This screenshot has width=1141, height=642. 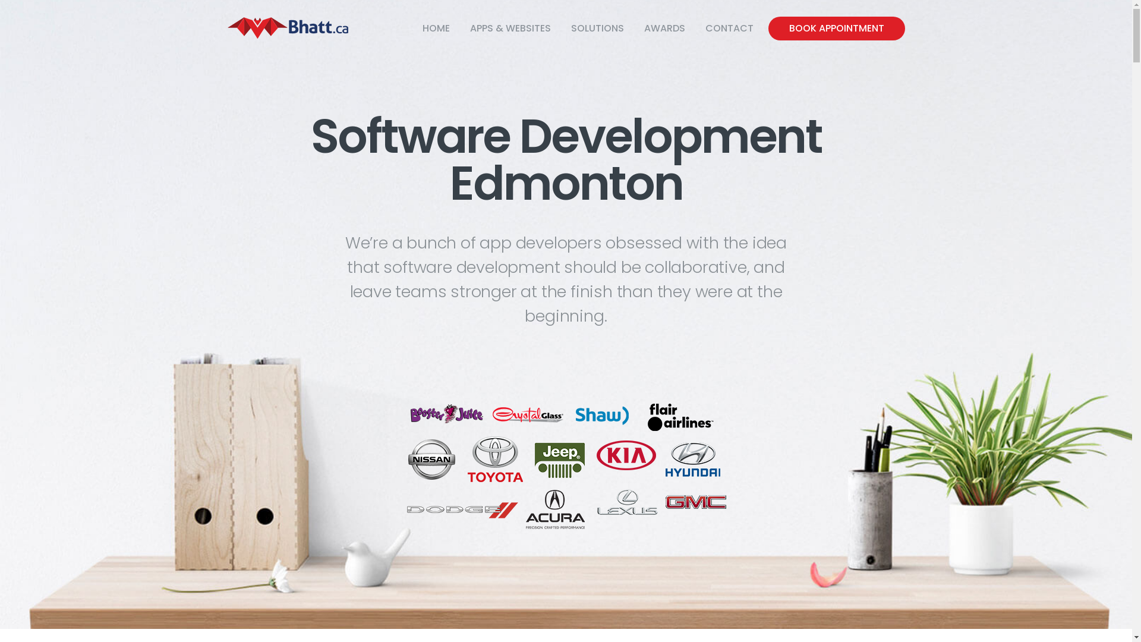 I want to click on 'HOME', so click(x=436, y=27).